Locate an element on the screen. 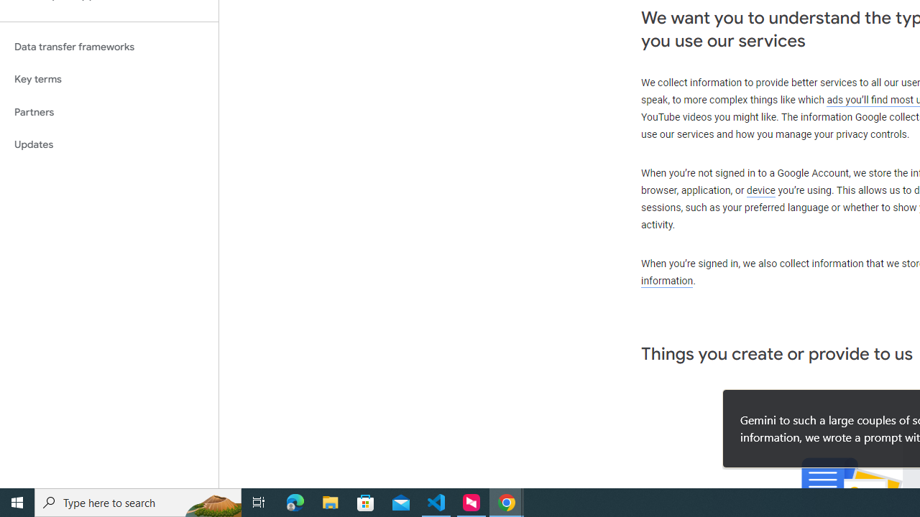 The width and height of the screenshot is (920, 517). 'Key terms' is located at coordinates (109, 79).